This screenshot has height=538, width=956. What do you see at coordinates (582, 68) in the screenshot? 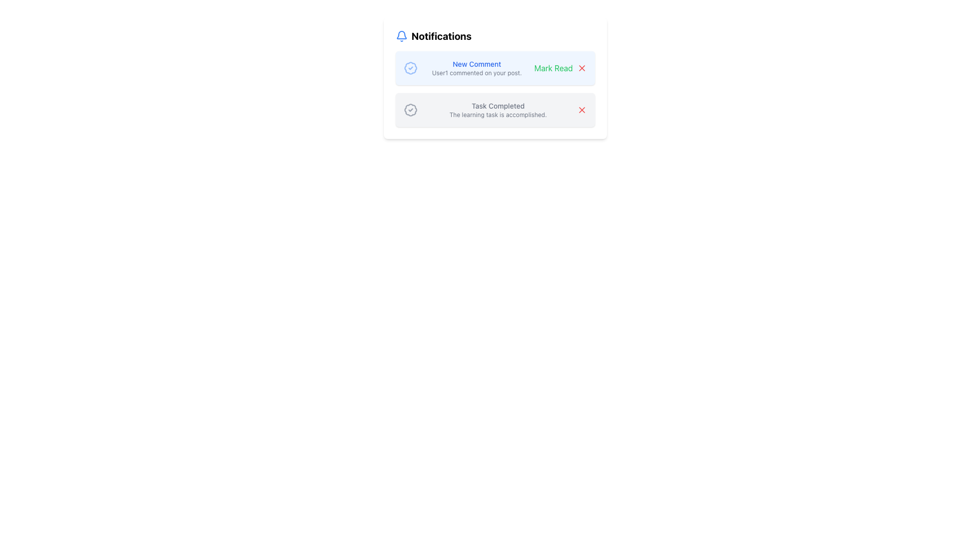
I see `the button positioned to the right of the 'Mark Read' text` at bounding box center [582, 68].